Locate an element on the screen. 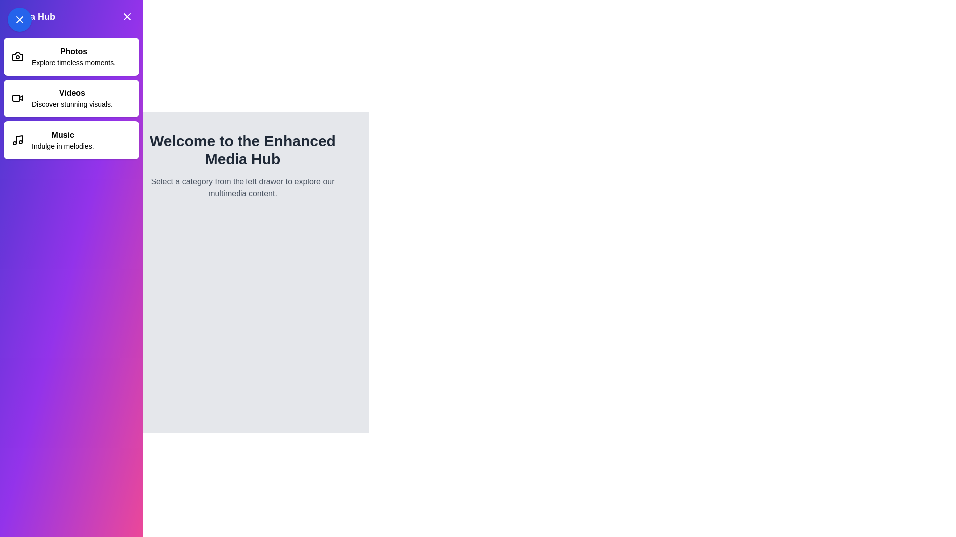  the close button to close the drawer is located at coordinates (126, 17).